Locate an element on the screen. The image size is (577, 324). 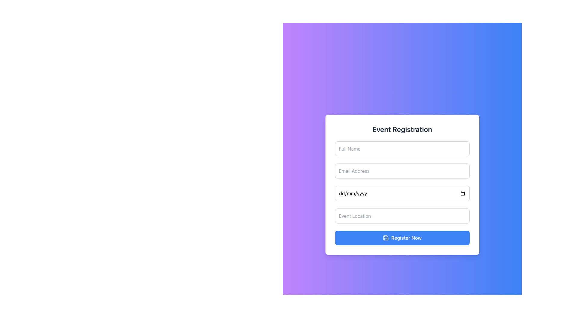
the large, rectangular 'Register Now' button with a blue background and white text is located at coordinates (402, 238).